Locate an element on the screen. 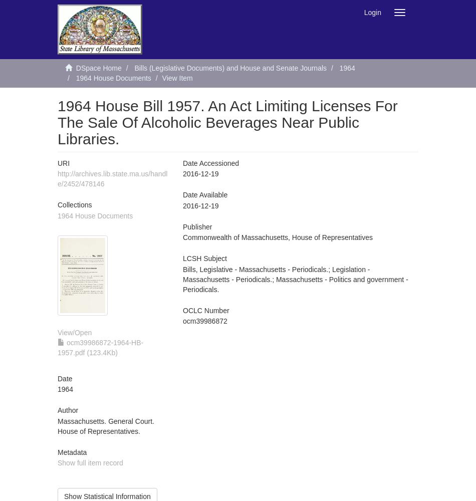 This screenshot has width=476, height=501. 'ocm39986872-1964-HB-1957.pdf (123.4Kb)' is located at coordinates (58, 347).